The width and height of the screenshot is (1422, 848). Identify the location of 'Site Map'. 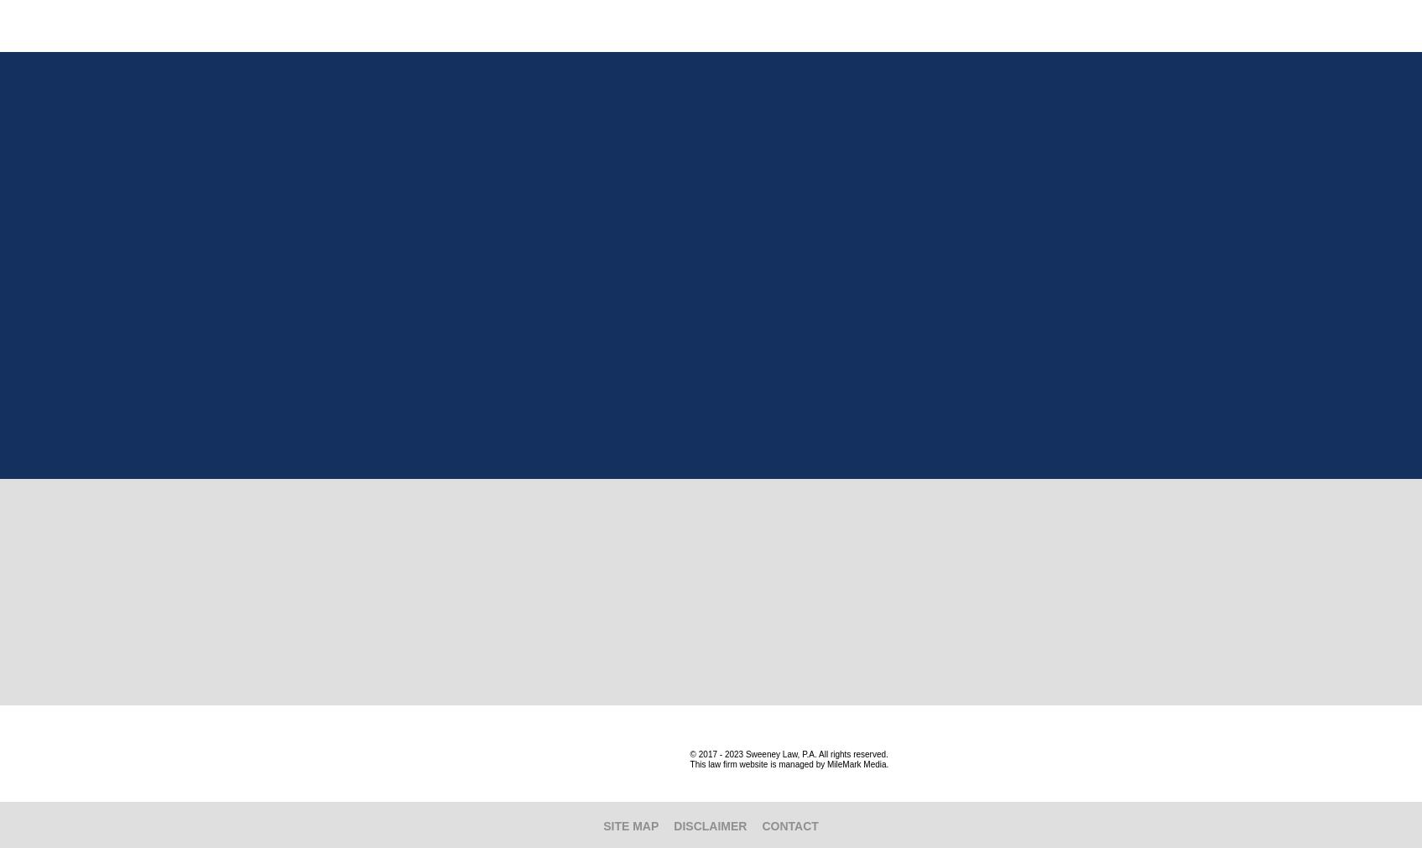
(630, 826).